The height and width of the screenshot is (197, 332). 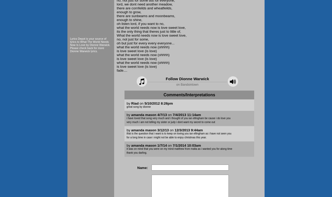 I want to click on 'what the world needs now is love sweet love,', so click(x=151, y=27).